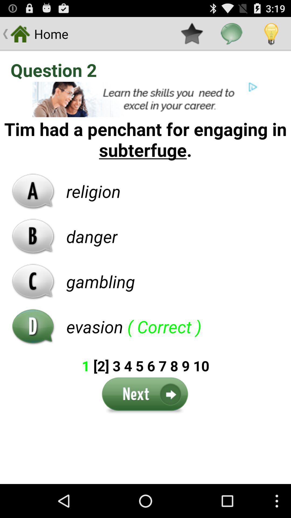 Image resolution: width=291 pixels, height=518 pixels. I want to click on advertisement link, so click(145, 99).